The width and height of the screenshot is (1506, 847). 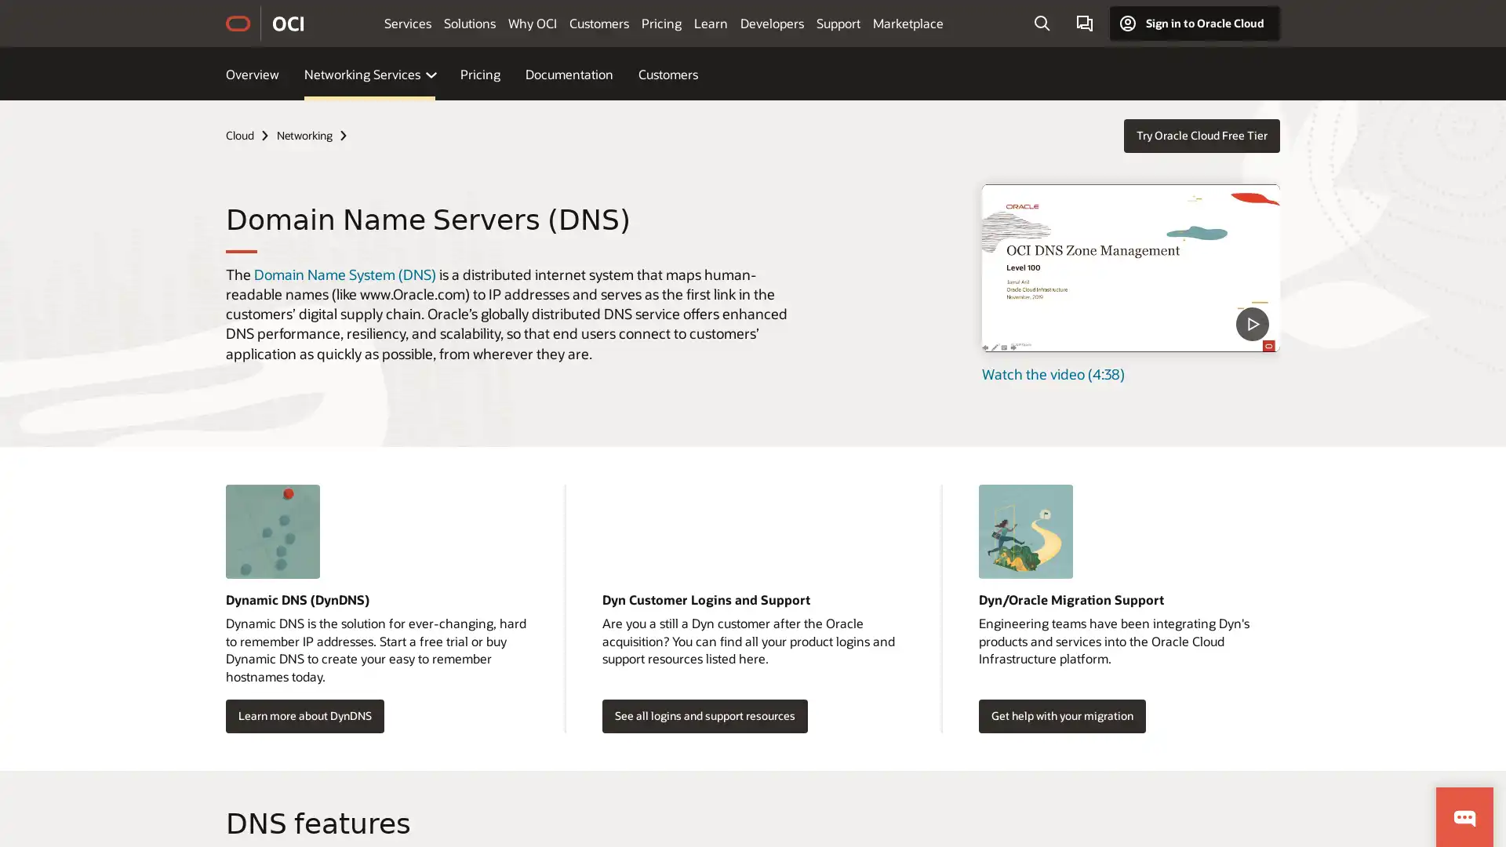 What do you see at coordinates (598, 23) in the screenshot?
I see `Customers` at bounding box center [598, 23].